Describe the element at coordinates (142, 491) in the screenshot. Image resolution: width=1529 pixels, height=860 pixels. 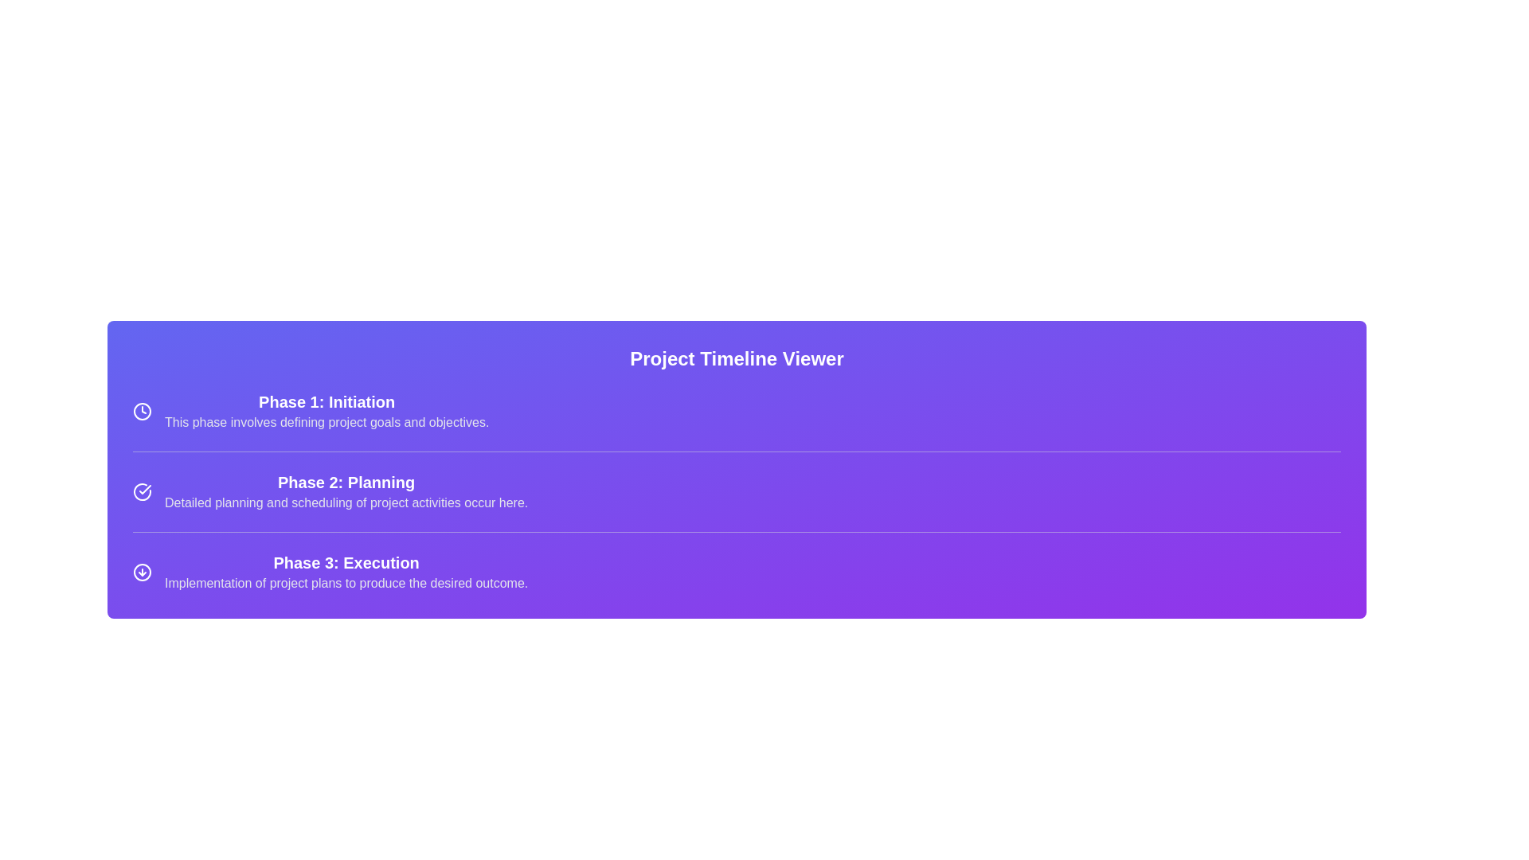
I see `the completion icon located immediately to the left of the text 'Phase 2: Planning'` at that location.